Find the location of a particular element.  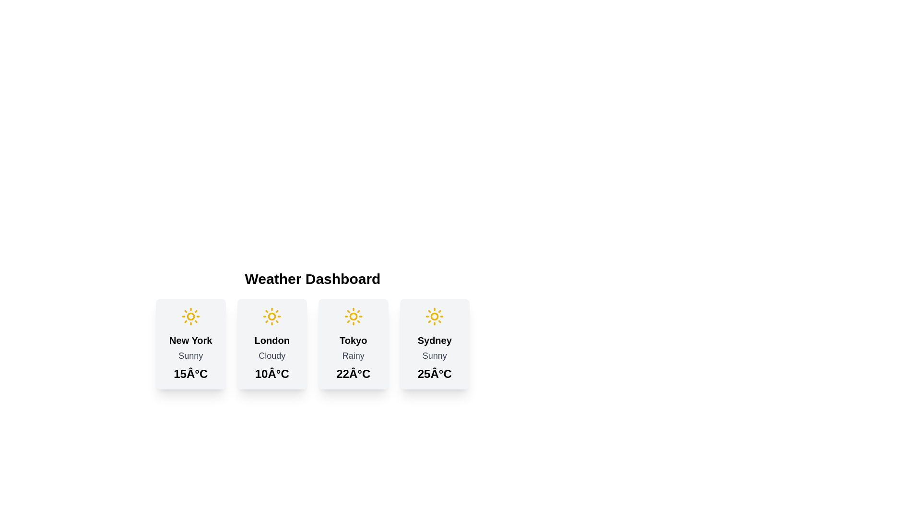

the Text Label displaying the current temperature for 'New York' at the bottom center of the weather card is located at coordinates (190, 373).